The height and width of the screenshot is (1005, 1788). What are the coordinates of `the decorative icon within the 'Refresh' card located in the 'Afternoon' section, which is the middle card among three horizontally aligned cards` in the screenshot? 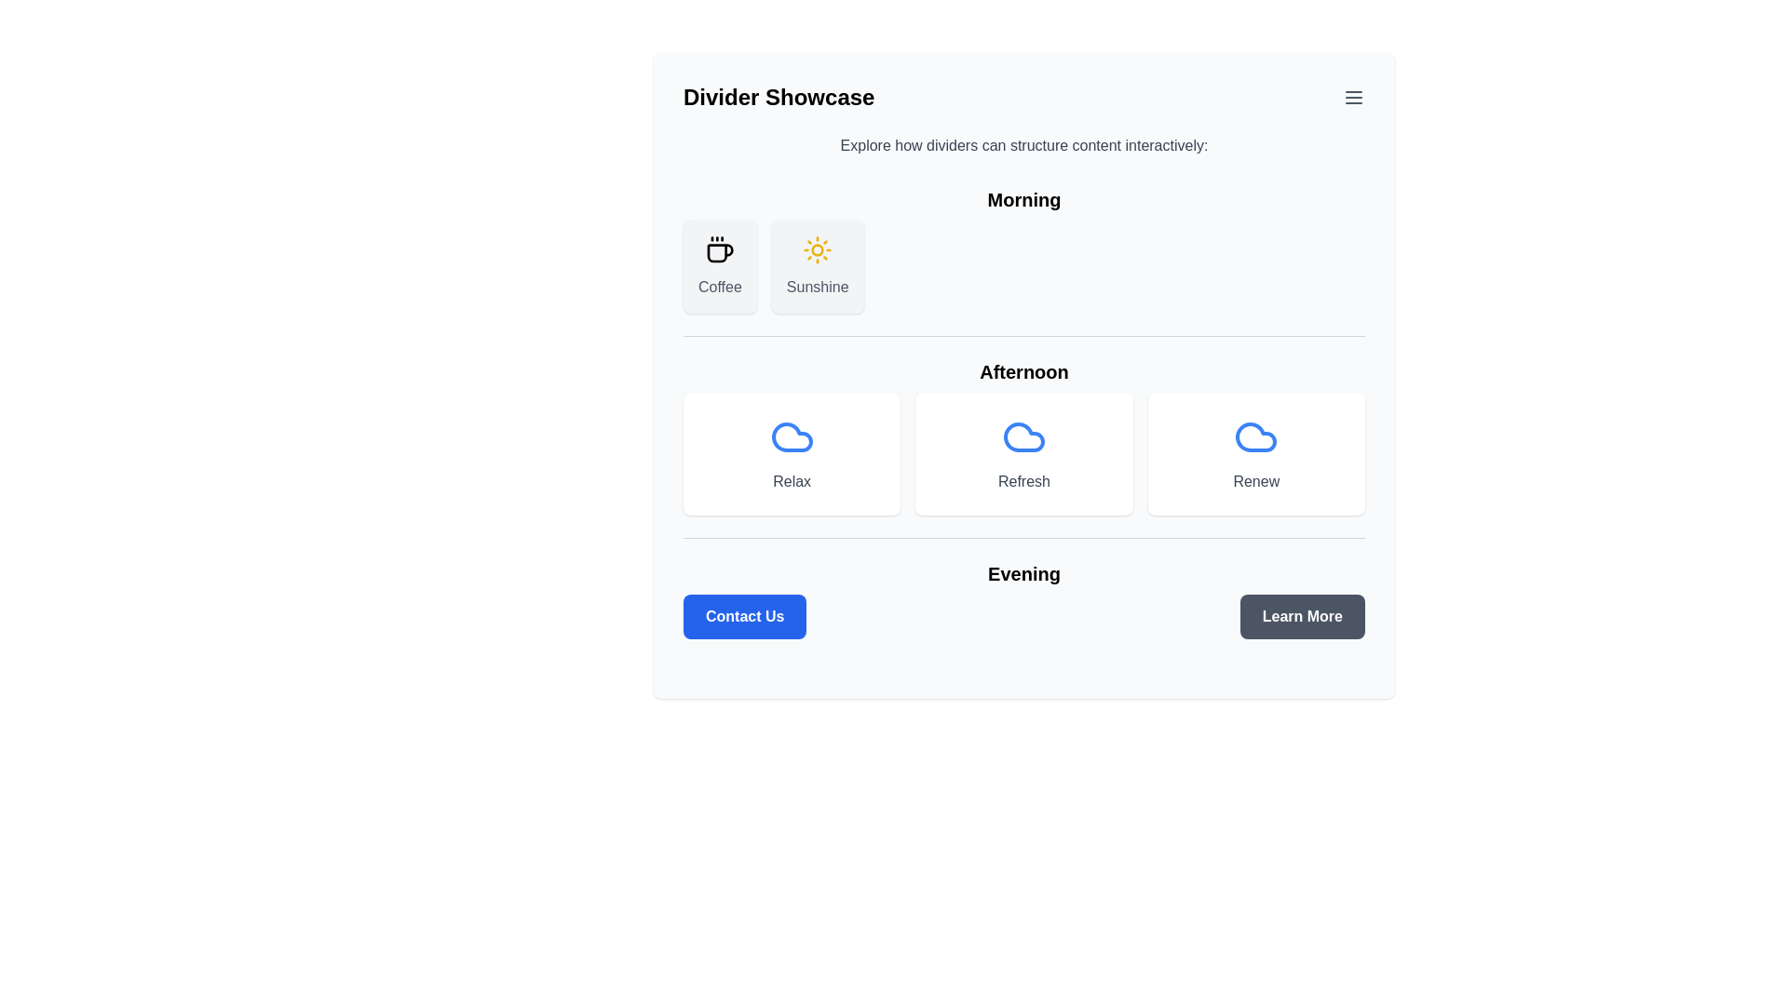 It's located at (1023, 437).